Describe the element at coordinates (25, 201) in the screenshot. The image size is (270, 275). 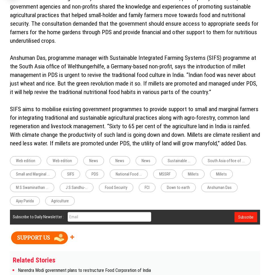
I see `'Ajay Parida'` at that location.